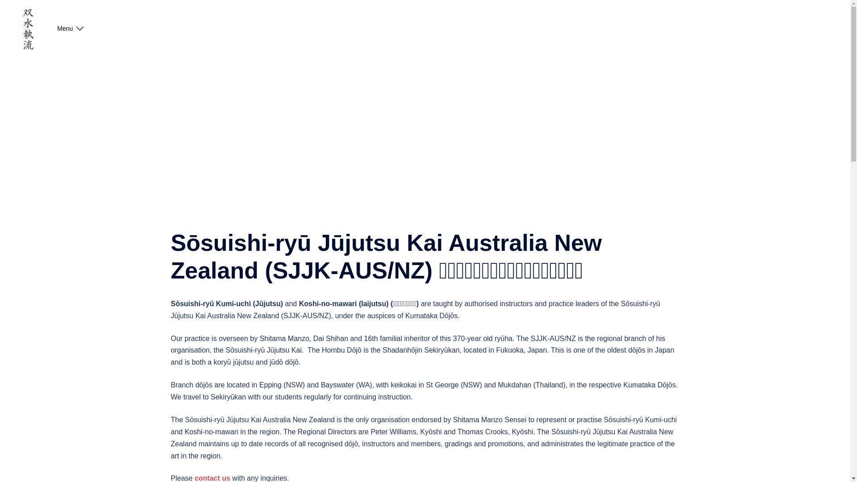  I want to click on 'Menu', so click(64, 29).